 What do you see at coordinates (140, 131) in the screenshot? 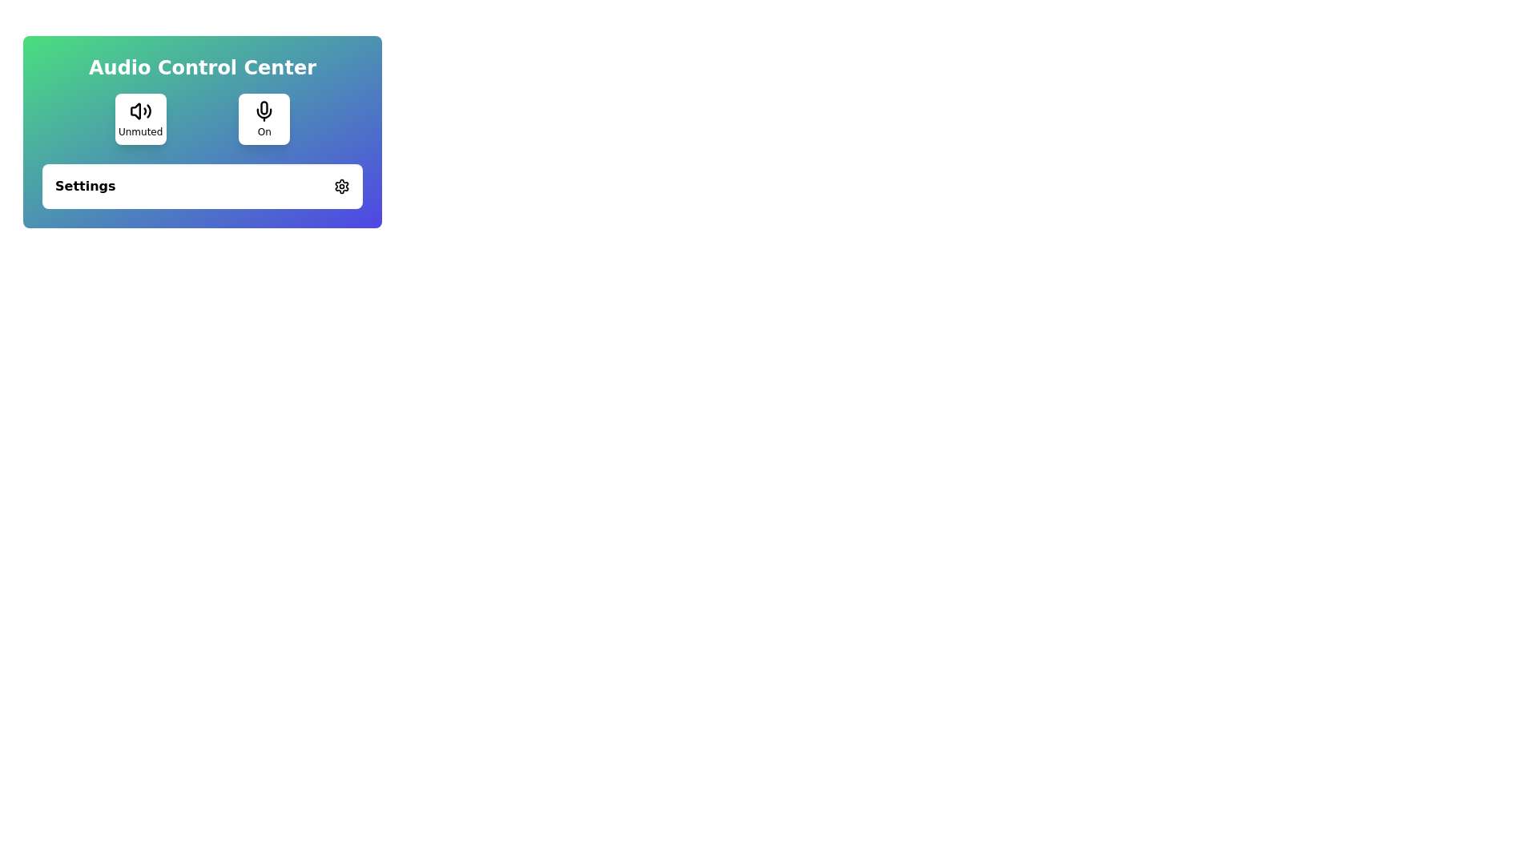
I see `the 'Unmuted' status text label located inside the bottom-center of a white rounded rectangular button that has a shadow effect` at bounding box center [140, 131].